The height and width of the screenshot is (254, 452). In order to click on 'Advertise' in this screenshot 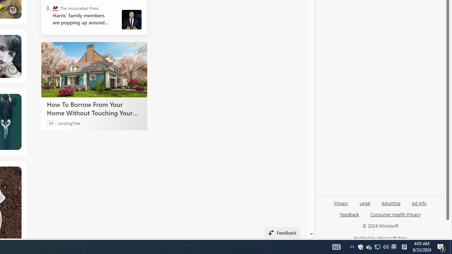, I will do `click(391, 206)`.